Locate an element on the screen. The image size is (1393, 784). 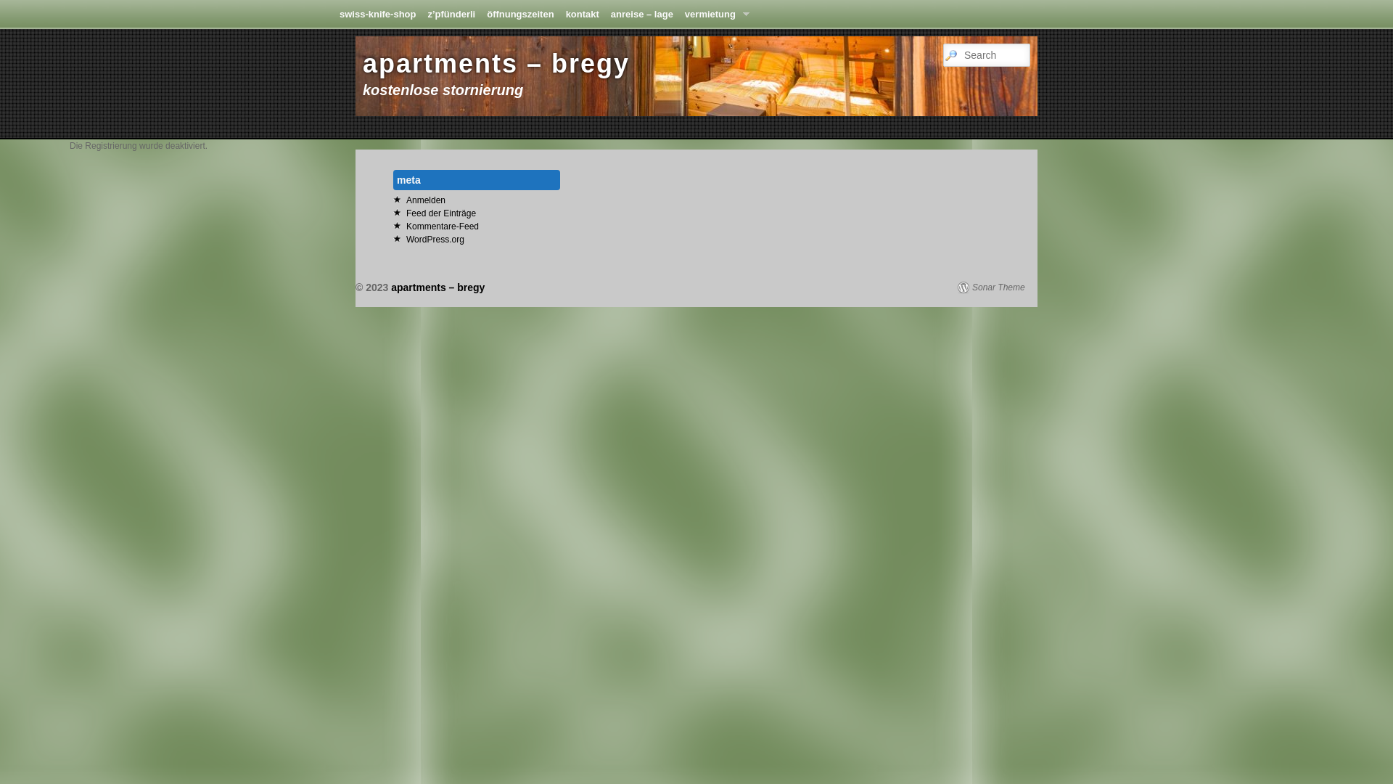
'Search' is located at coordinates (20, 7).